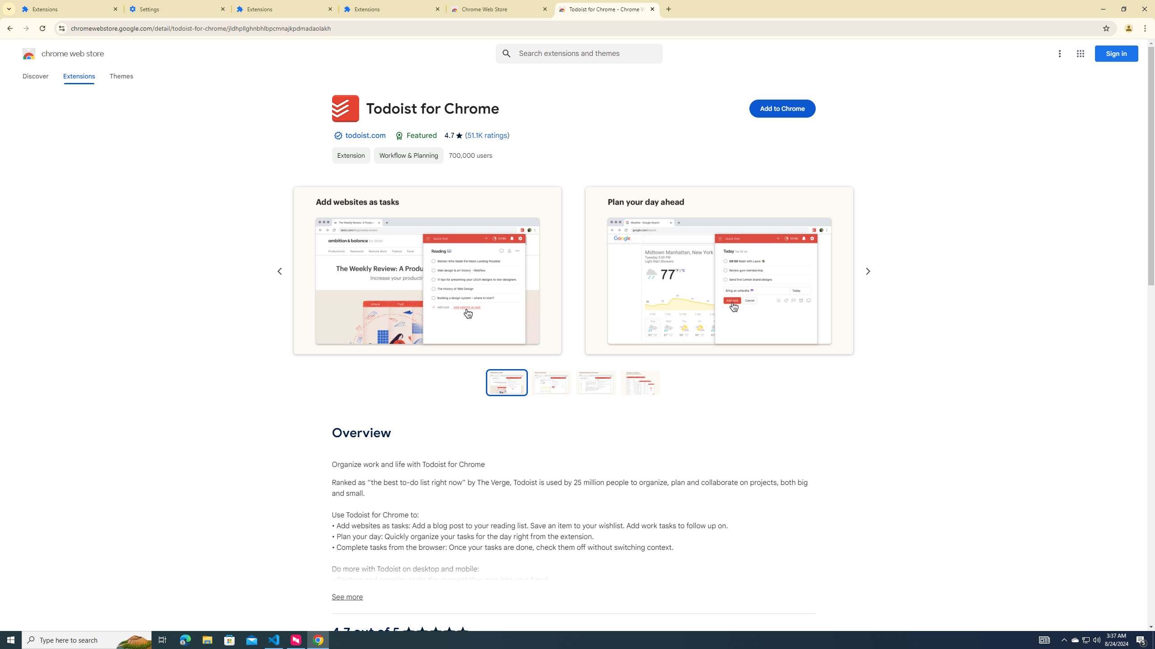  What do you see at coordinates (345, 109) in the screenshot?
I see `'Item logo image for Todoist for Chrome'` at bounding box center [345, 109].